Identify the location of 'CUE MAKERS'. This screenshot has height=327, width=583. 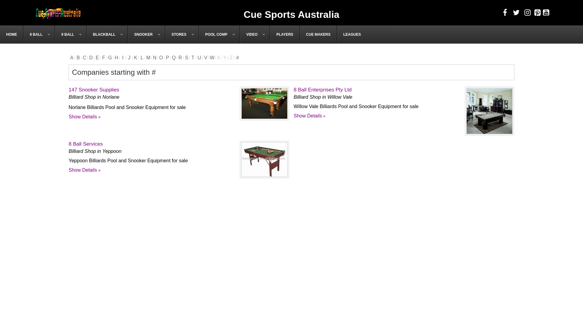
(318, 35).